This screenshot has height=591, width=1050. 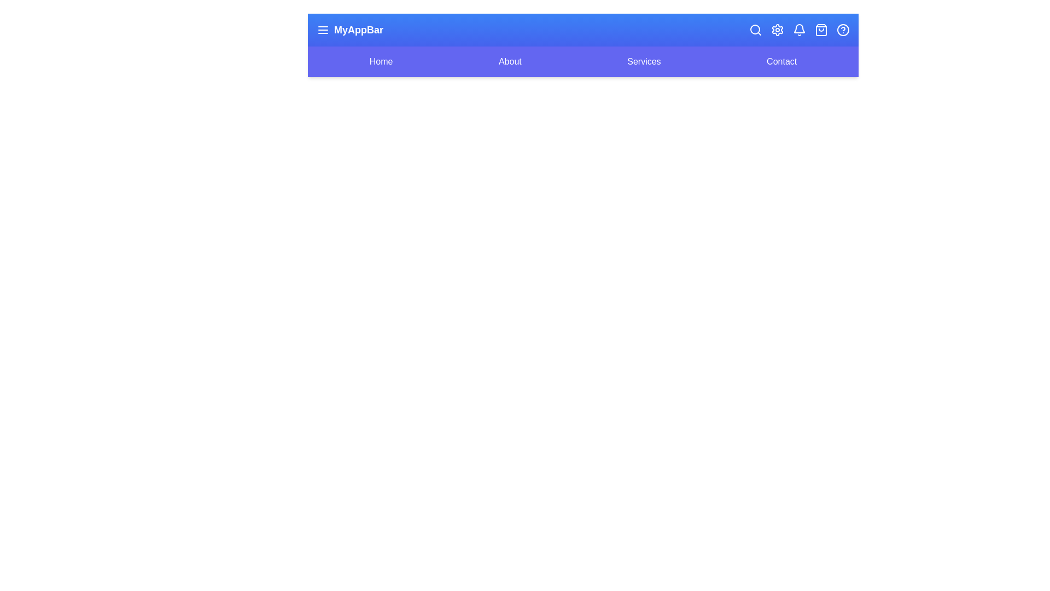 What do you see at coordinates (781, 61) in the screenshot?
I see `the navigation link labeled 'Contact'` at bounding box center [781, 61].